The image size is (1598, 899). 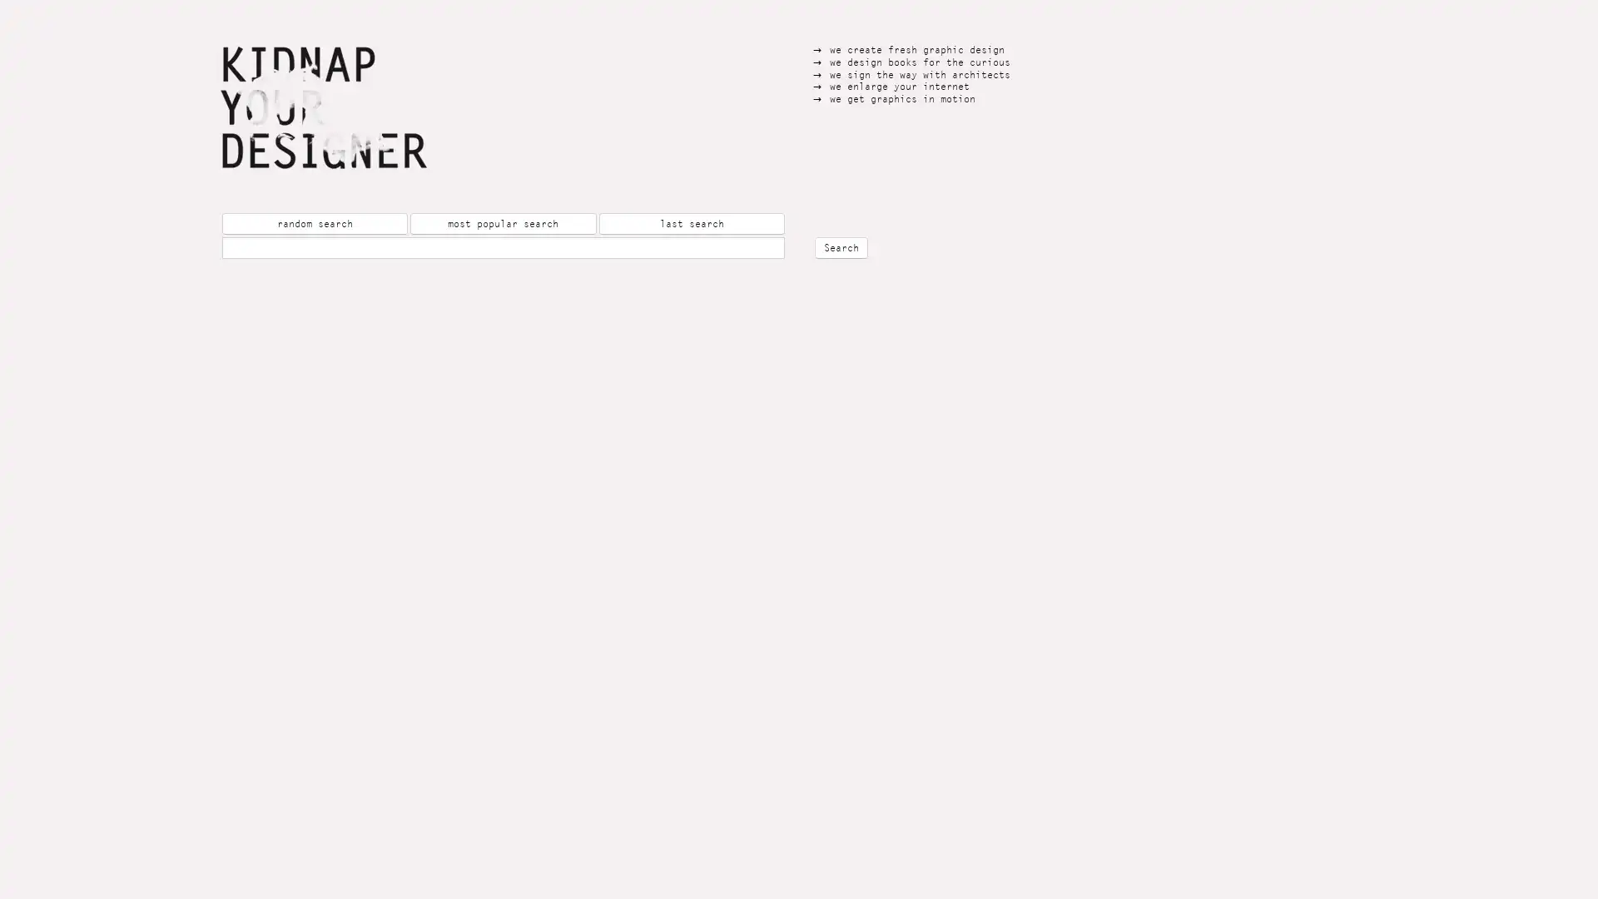 What do you see at coordinates (315, 223) in the screenshot?
I see `random search` at bounding box center [315, 223].